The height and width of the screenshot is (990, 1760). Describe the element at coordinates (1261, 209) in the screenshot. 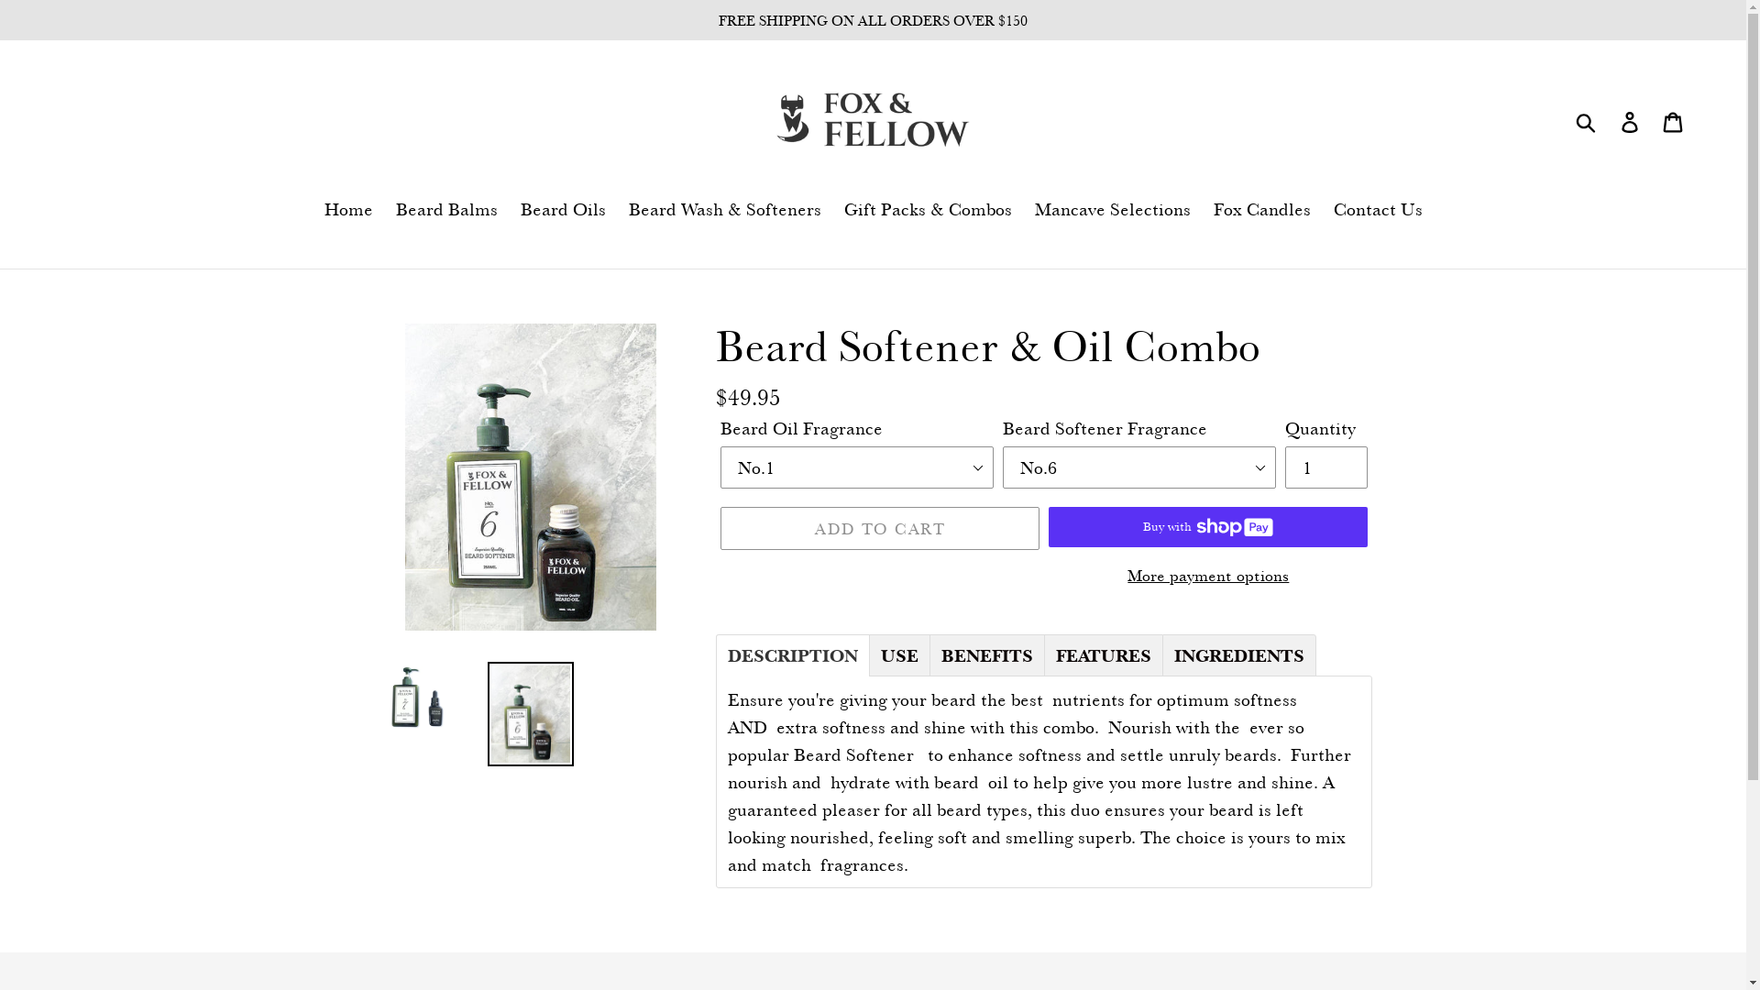

I see `'Fox Candles'` at that location.